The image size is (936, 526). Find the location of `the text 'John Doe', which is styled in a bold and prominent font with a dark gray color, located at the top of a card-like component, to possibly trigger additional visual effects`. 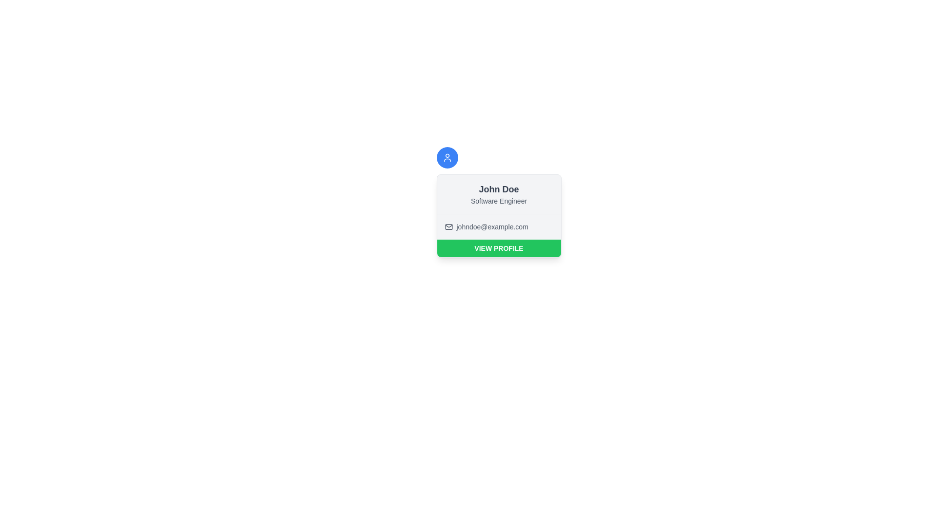

the text 'John Doe', which is styled in a bold and prominent font with a dark gray color, located at the top of a card-like component, to possibly trigger additional visual effects is located at coordinates (499, 189).